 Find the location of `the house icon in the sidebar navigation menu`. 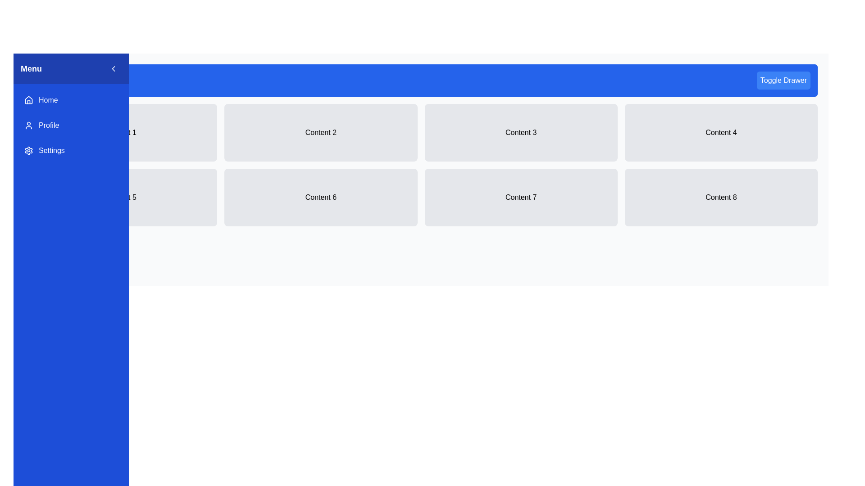

the house icon in the sidebar navigation menu is located at coordinates (28, 100).